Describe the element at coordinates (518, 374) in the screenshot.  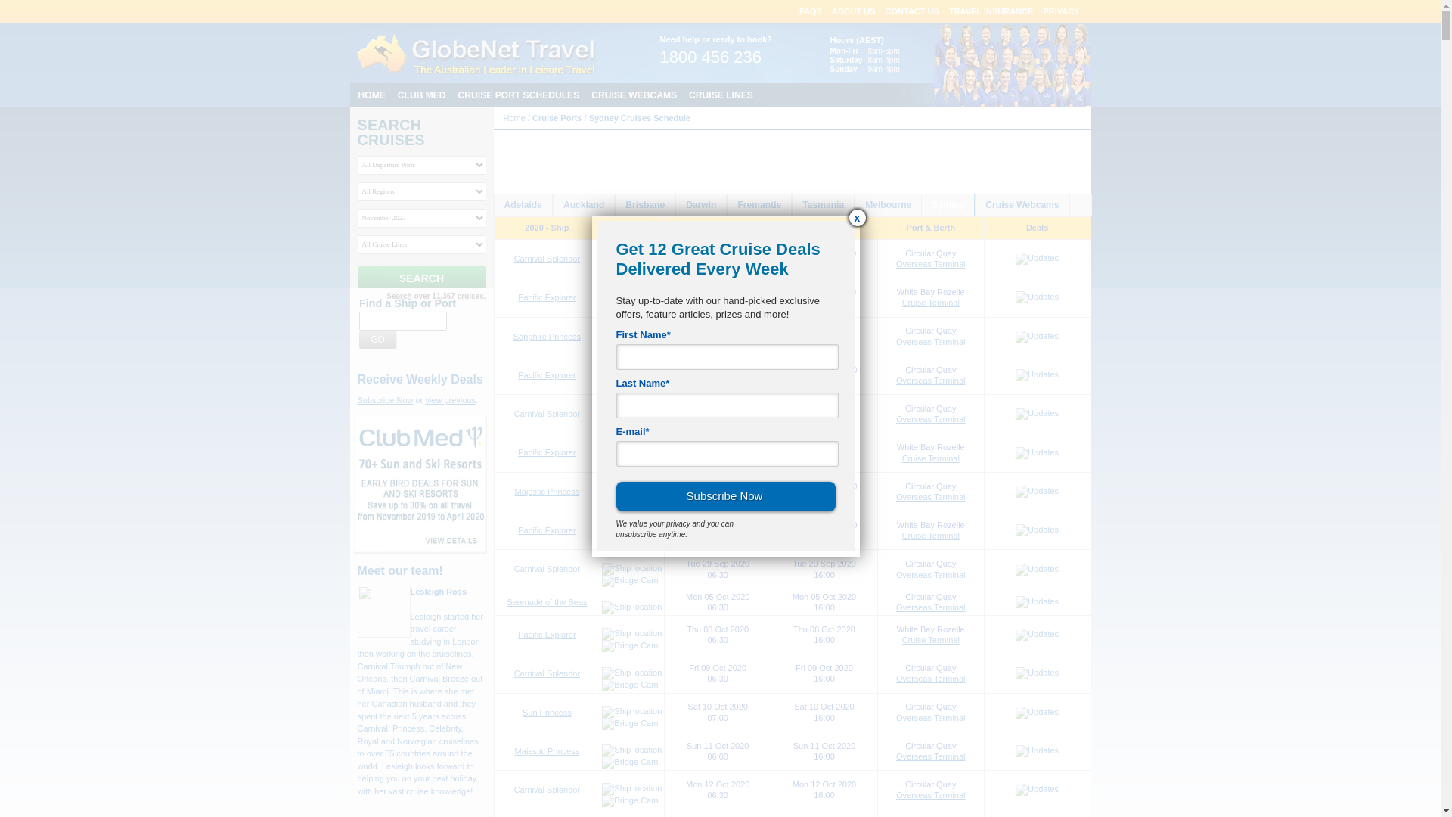
I see `'Pacific Explorer'` at that location.